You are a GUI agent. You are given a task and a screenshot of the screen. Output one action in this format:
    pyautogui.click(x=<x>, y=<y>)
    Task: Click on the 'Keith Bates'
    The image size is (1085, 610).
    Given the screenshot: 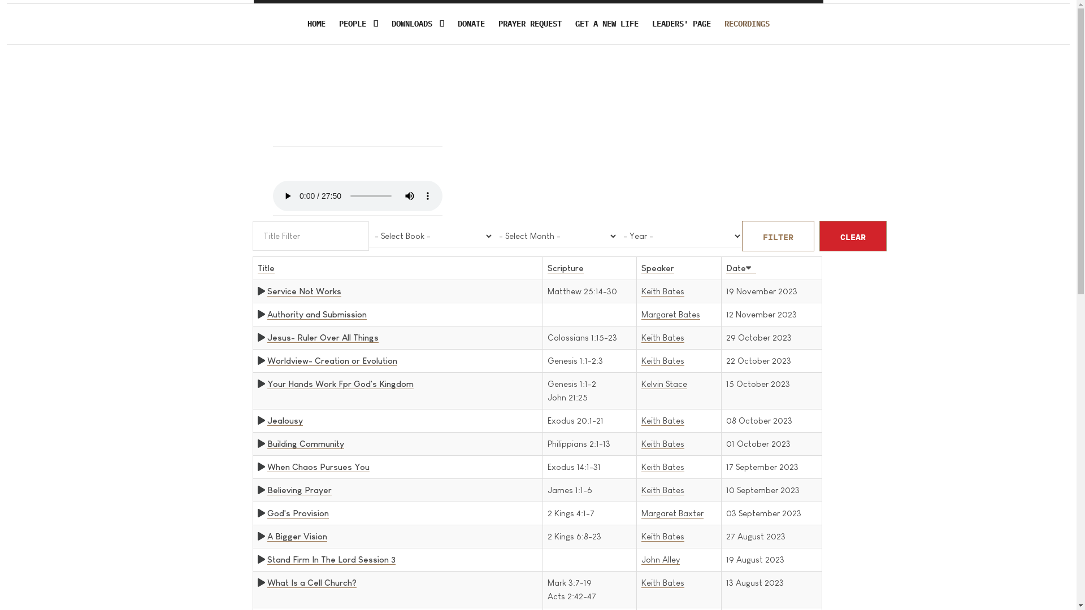 What is the action you would take?
    pyautogui.click(x=662, y=443)
    